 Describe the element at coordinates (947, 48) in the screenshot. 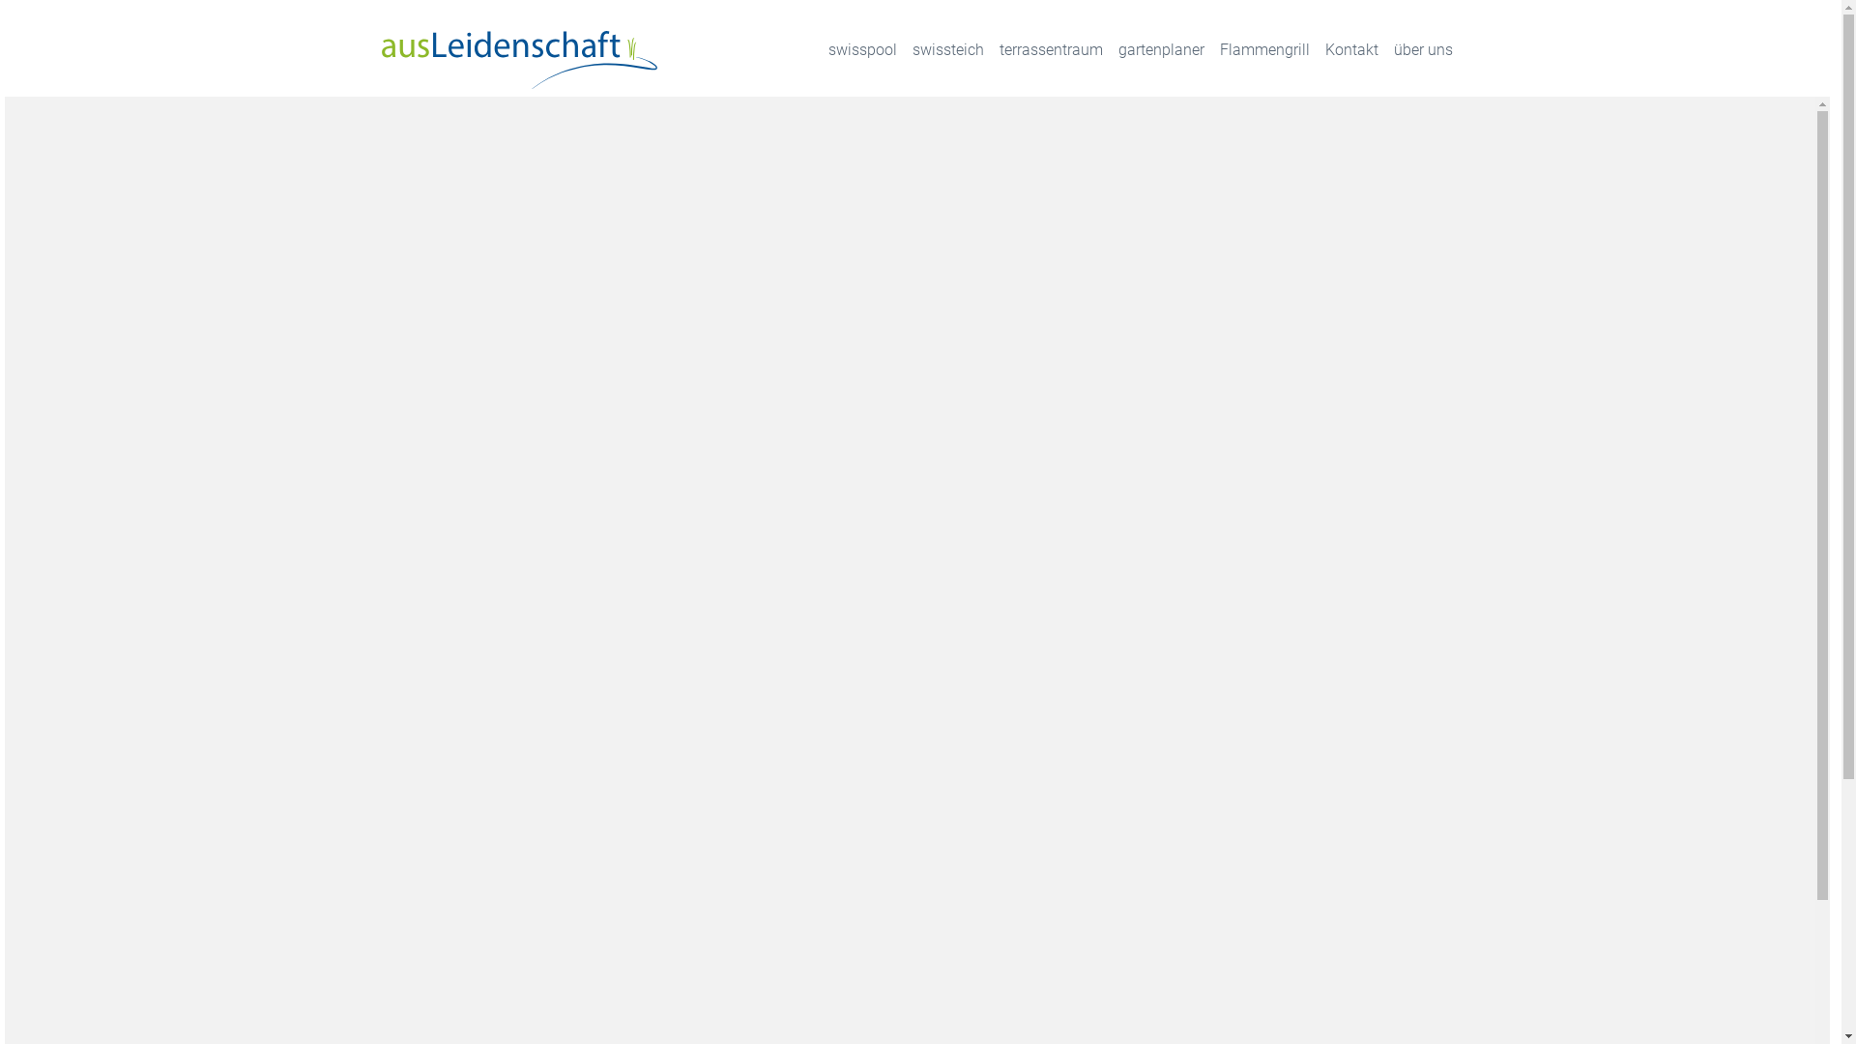

I see `'swissteich'` at that location.